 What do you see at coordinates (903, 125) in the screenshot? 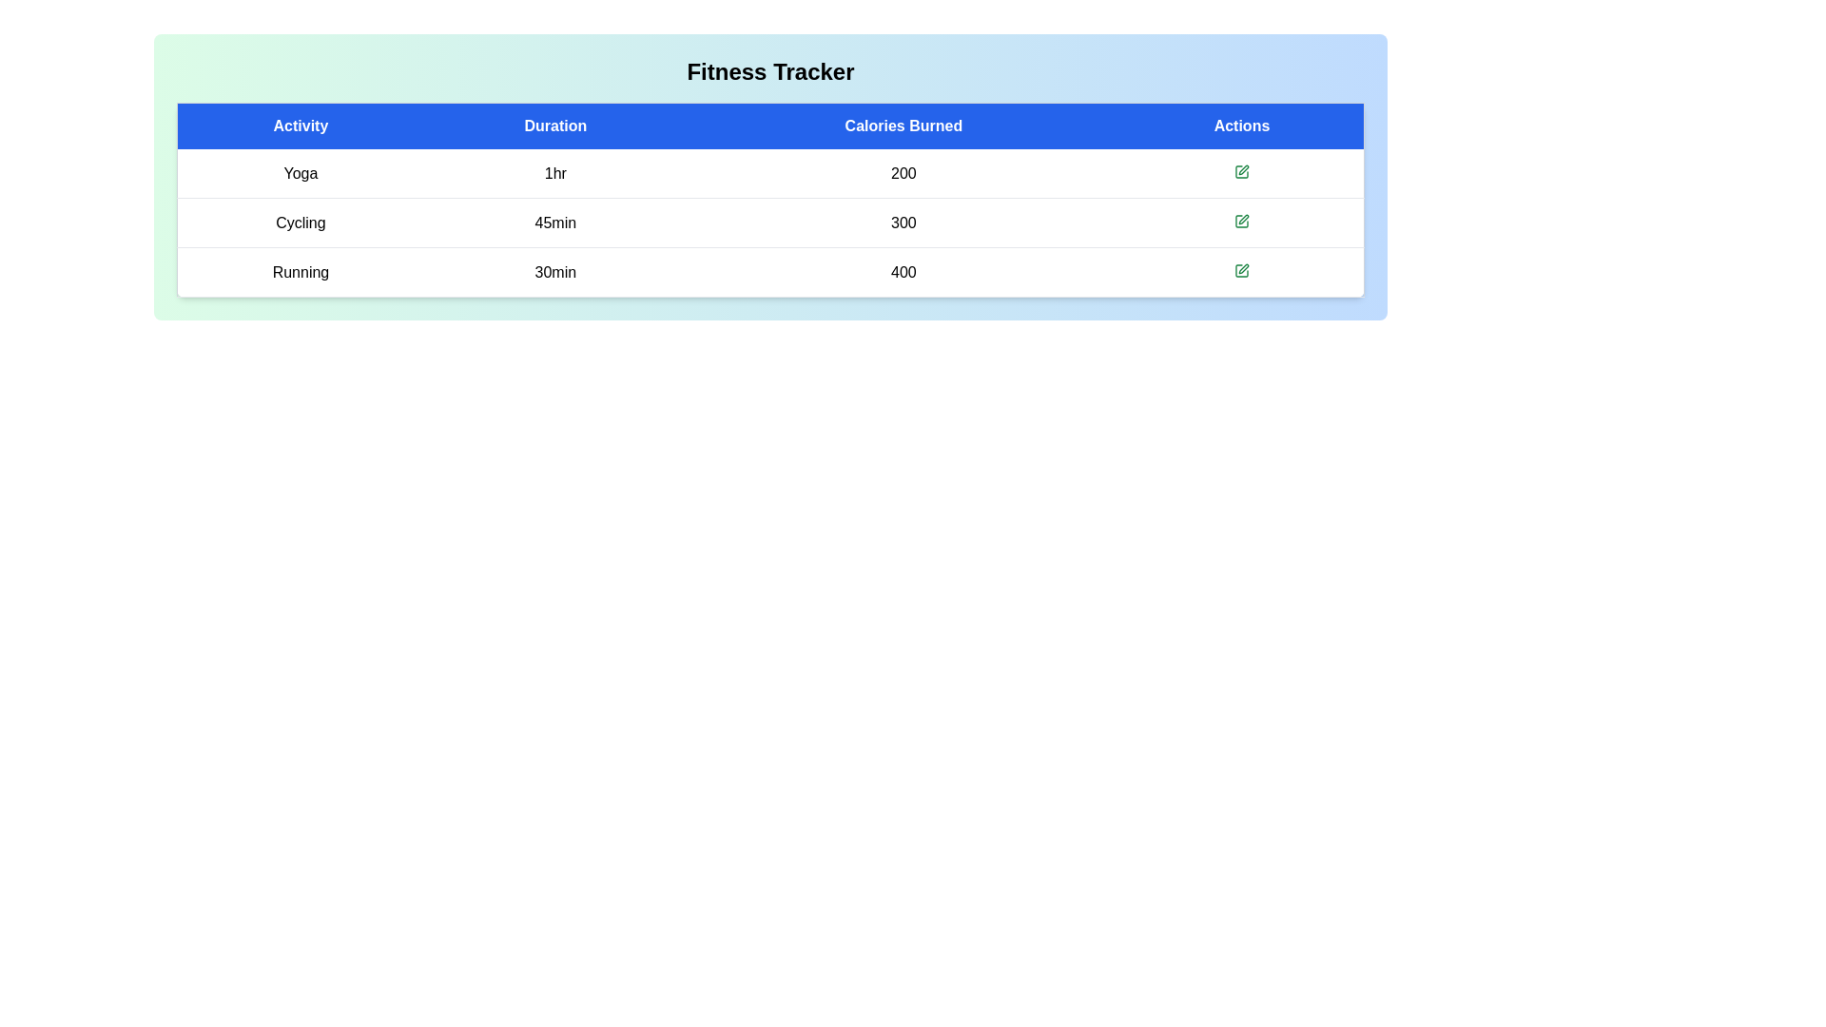
I see `the column header Calories Burned to sort or interact with it` at bounding box center [903, 125].